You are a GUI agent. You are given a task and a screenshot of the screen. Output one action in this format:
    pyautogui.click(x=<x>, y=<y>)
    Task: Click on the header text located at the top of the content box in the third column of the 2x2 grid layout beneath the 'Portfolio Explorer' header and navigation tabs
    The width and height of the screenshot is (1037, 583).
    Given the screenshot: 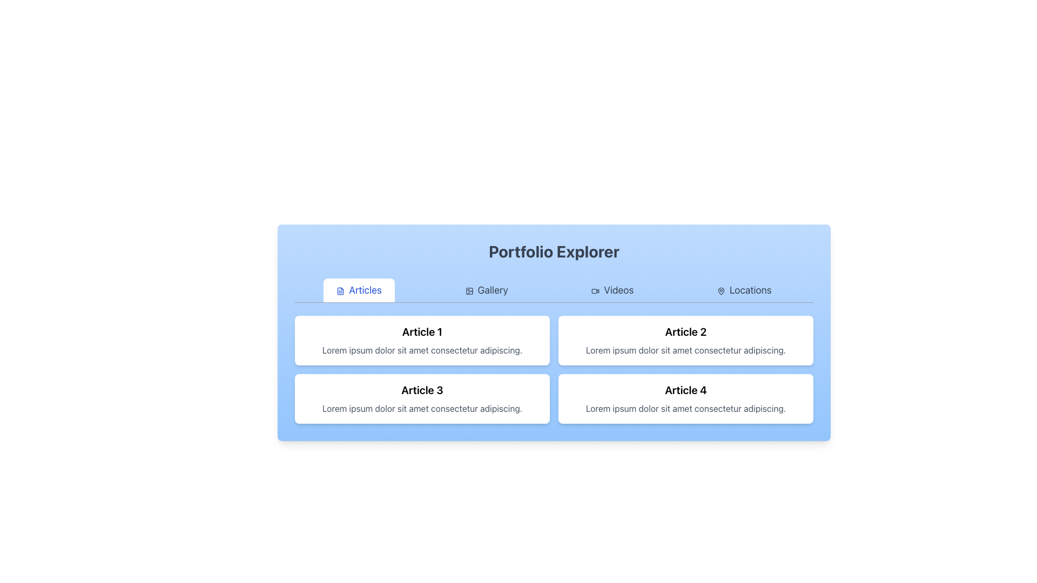 What is the action you would take?
    pyautogui.click(x=422, y=390)
    